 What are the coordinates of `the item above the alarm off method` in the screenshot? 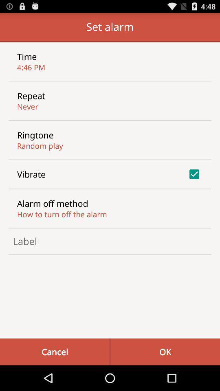 It's located at (31, 174).